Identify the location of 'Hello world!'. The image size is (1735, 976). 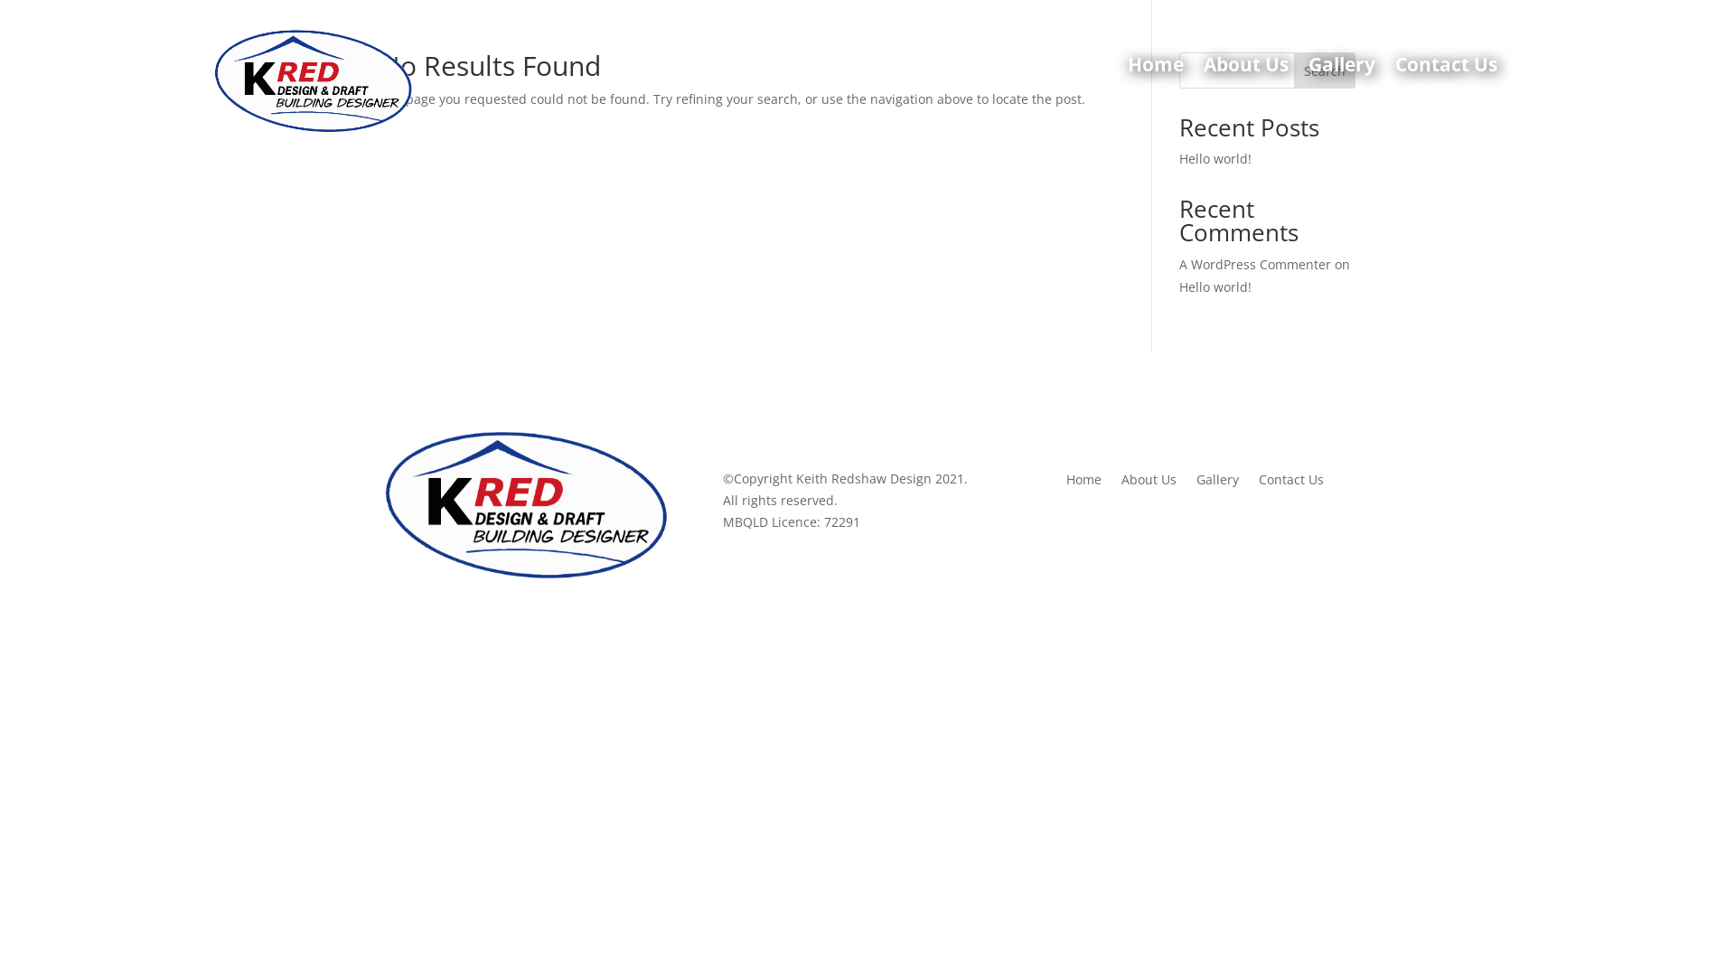
(1214, 157).